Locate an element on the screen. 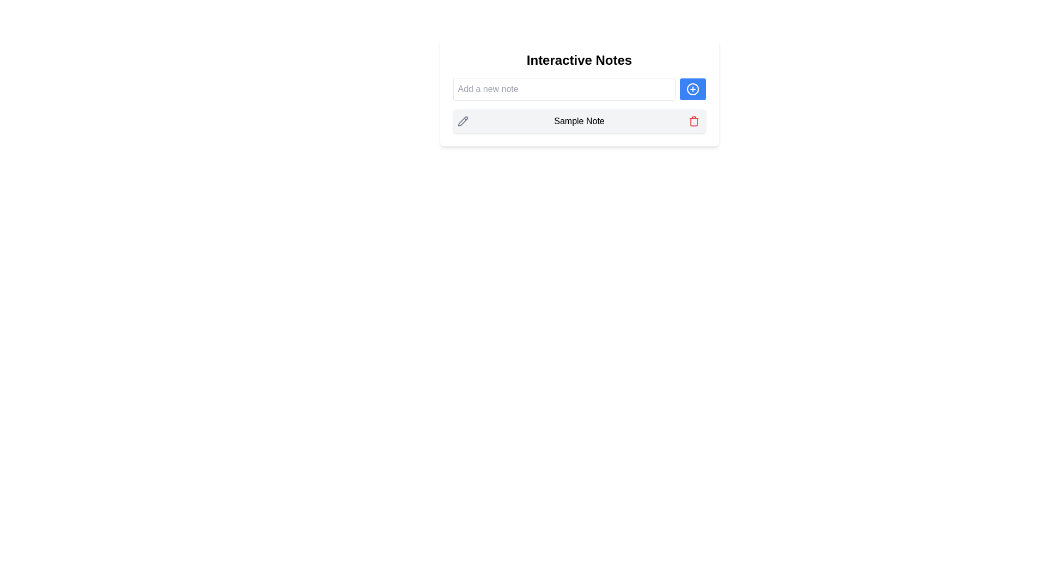  the button located at the right end of an input field group, which is used to add a new note or item is located at coordinates (692, 89).